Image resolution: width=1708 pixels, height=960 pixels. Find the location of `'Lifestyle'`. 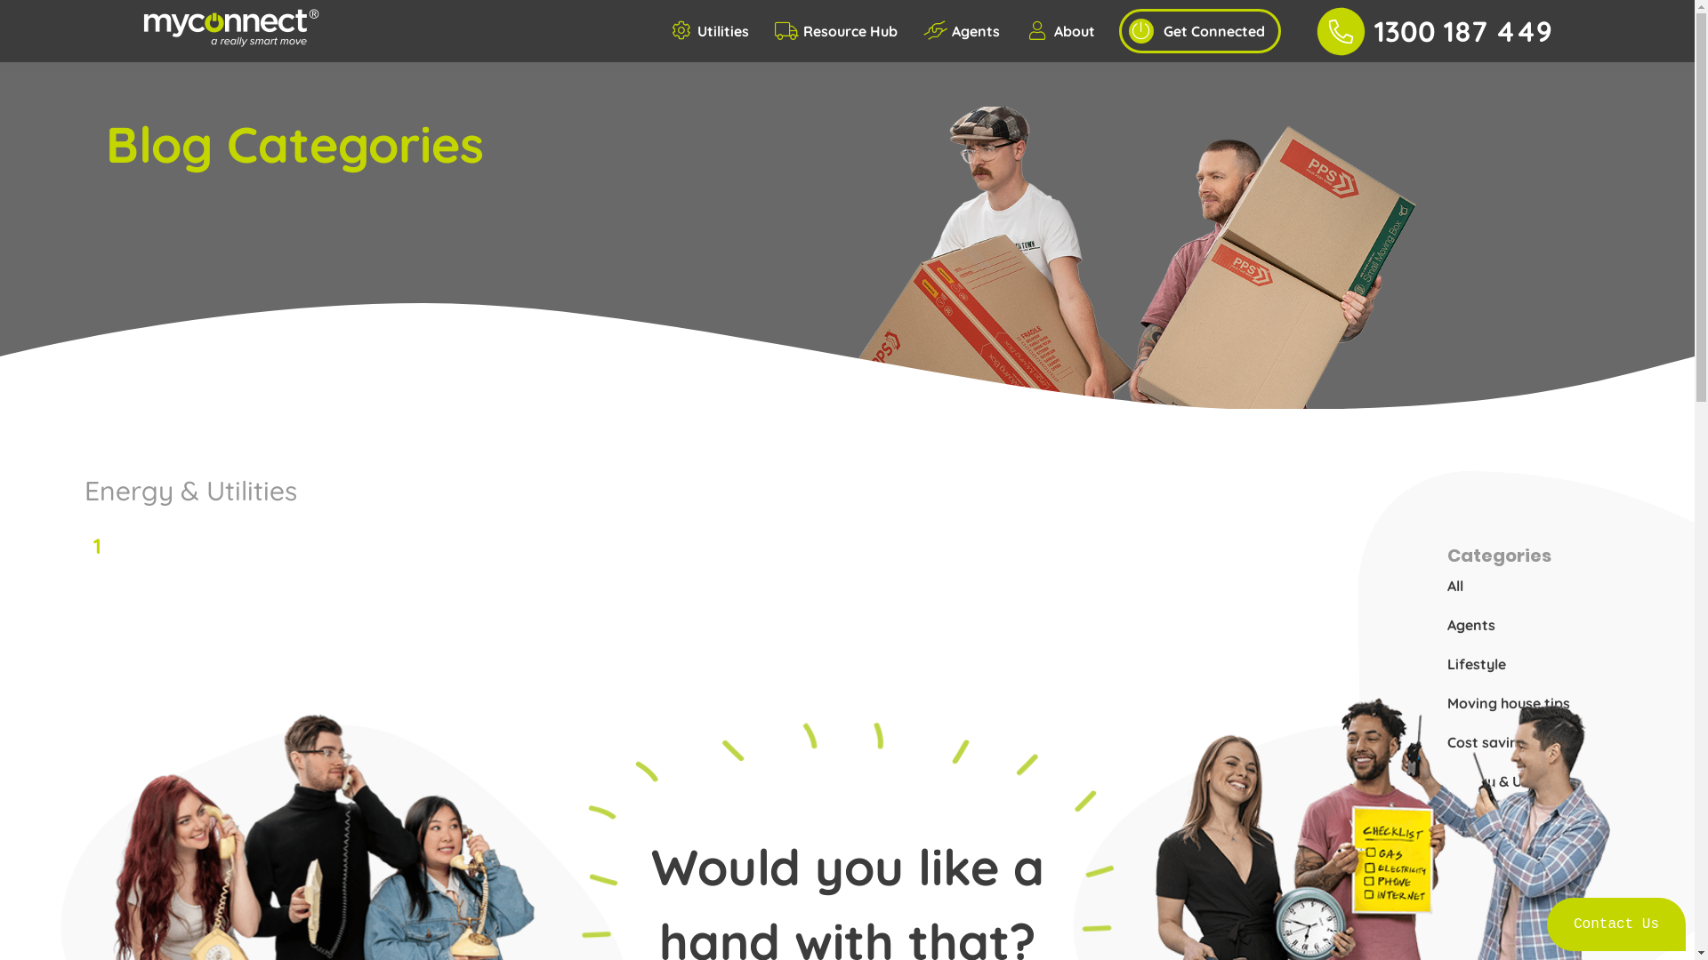

'Lifestyle' is located at coordinates (1477, 664).